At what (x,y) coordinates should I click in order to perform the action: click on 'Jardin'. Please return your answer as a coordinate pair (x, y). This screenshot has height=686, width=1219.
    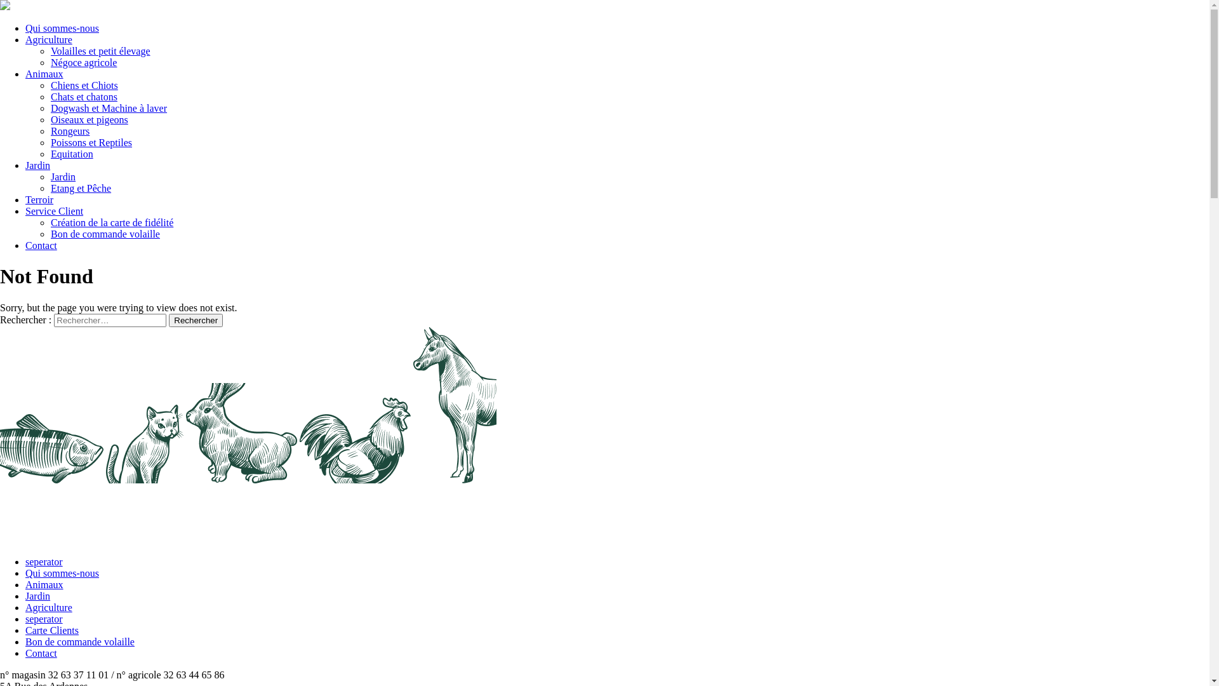
    Looking at the image, I should click on (37, 165).